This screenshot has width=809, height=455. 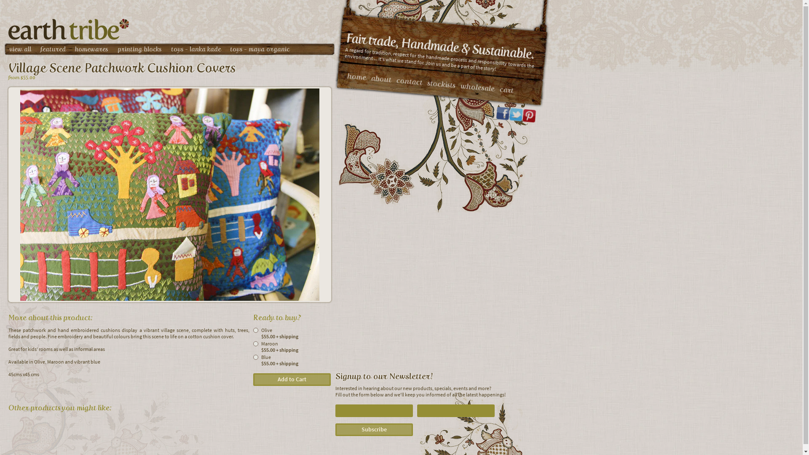 What do you see at coordinates (441, 83) in the screenshot?
I see `'stockists'` at bounding box center [441, 83].